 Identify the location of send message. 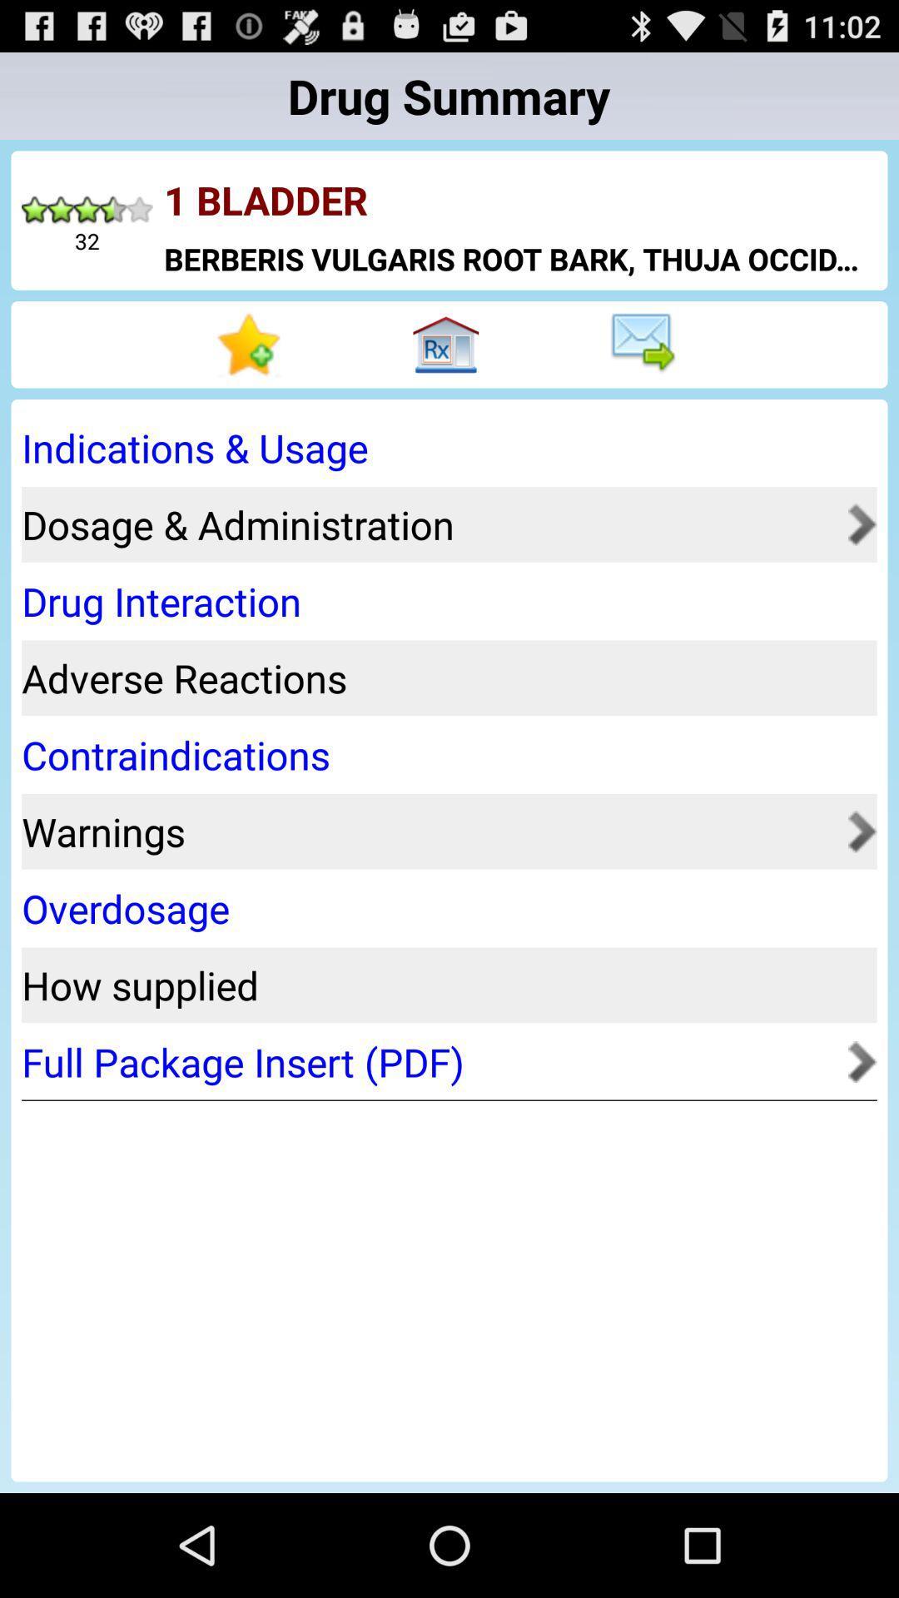
(645, 344).